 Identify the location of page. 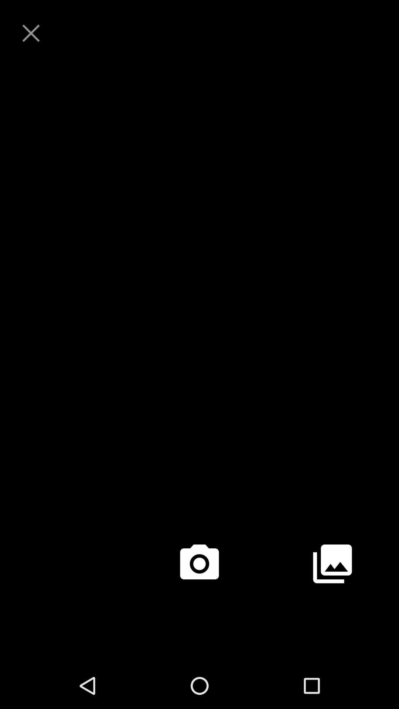
(31, 33).